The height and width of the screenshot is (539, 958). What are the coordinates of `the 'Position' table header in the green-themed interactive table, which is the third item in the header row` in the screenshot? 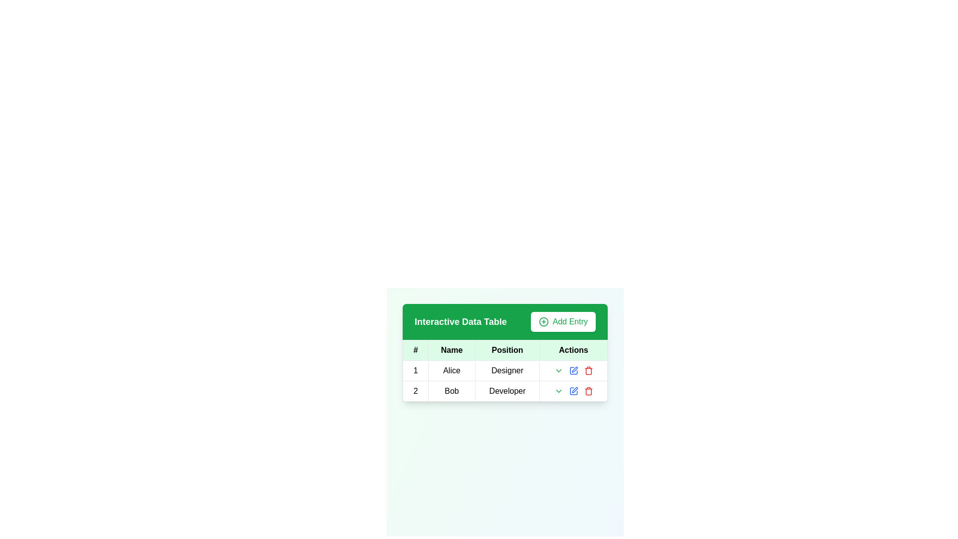 It's located at (505, 350).